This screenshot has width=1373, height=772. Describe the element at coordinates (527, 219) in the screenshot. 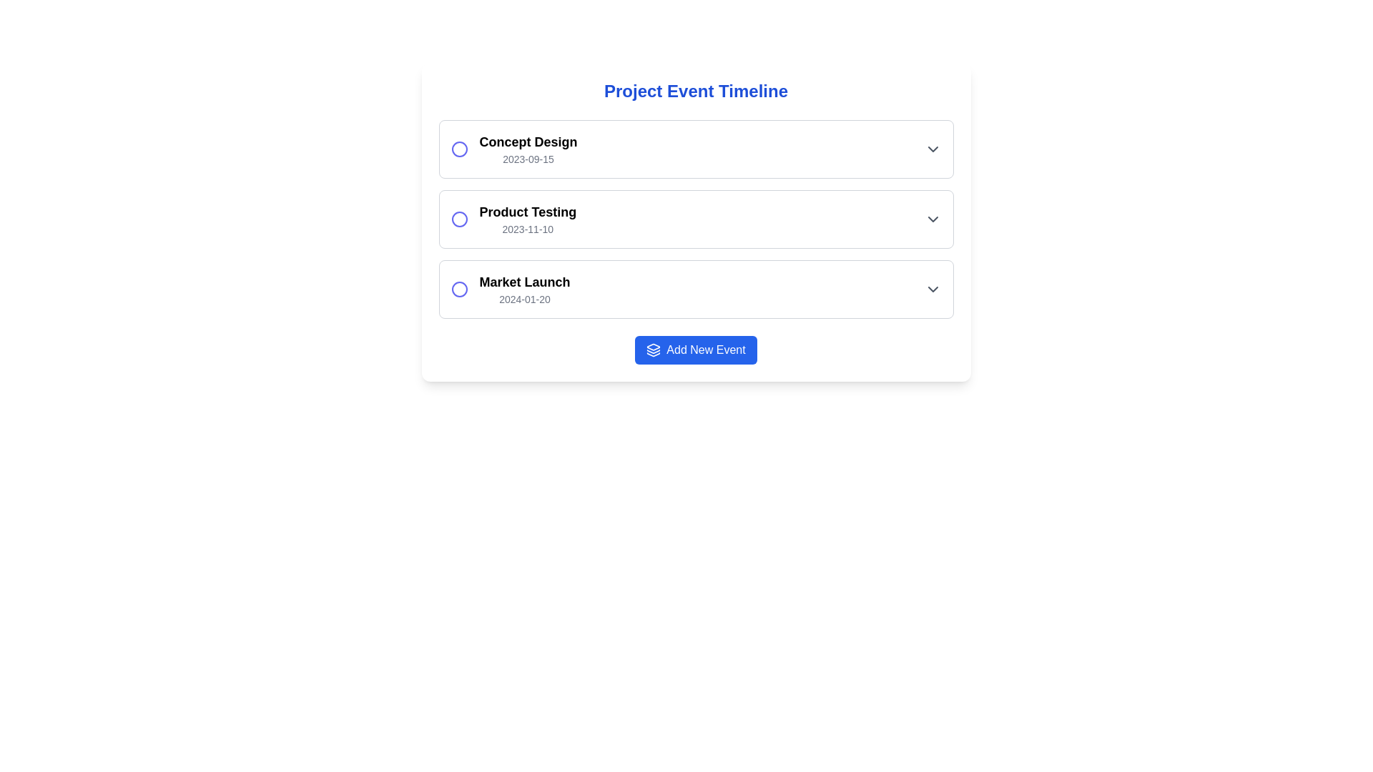

I see `text information displayed in the TextBlock titled 'Product Testing' with the date '2023-11-10', located in the second row of the 'Project Event Timeline.'` at that location.